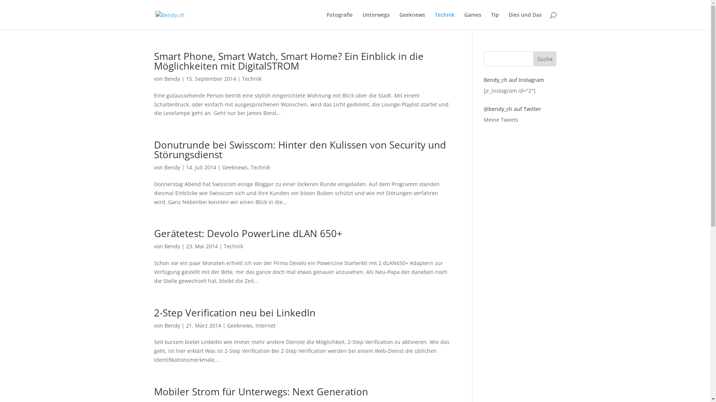 This screenshot has height=402, width=716. What do you see at coordinates (171, 167) in the screenshot?
I see `'Bendy'` at bounding box center [171, 167].